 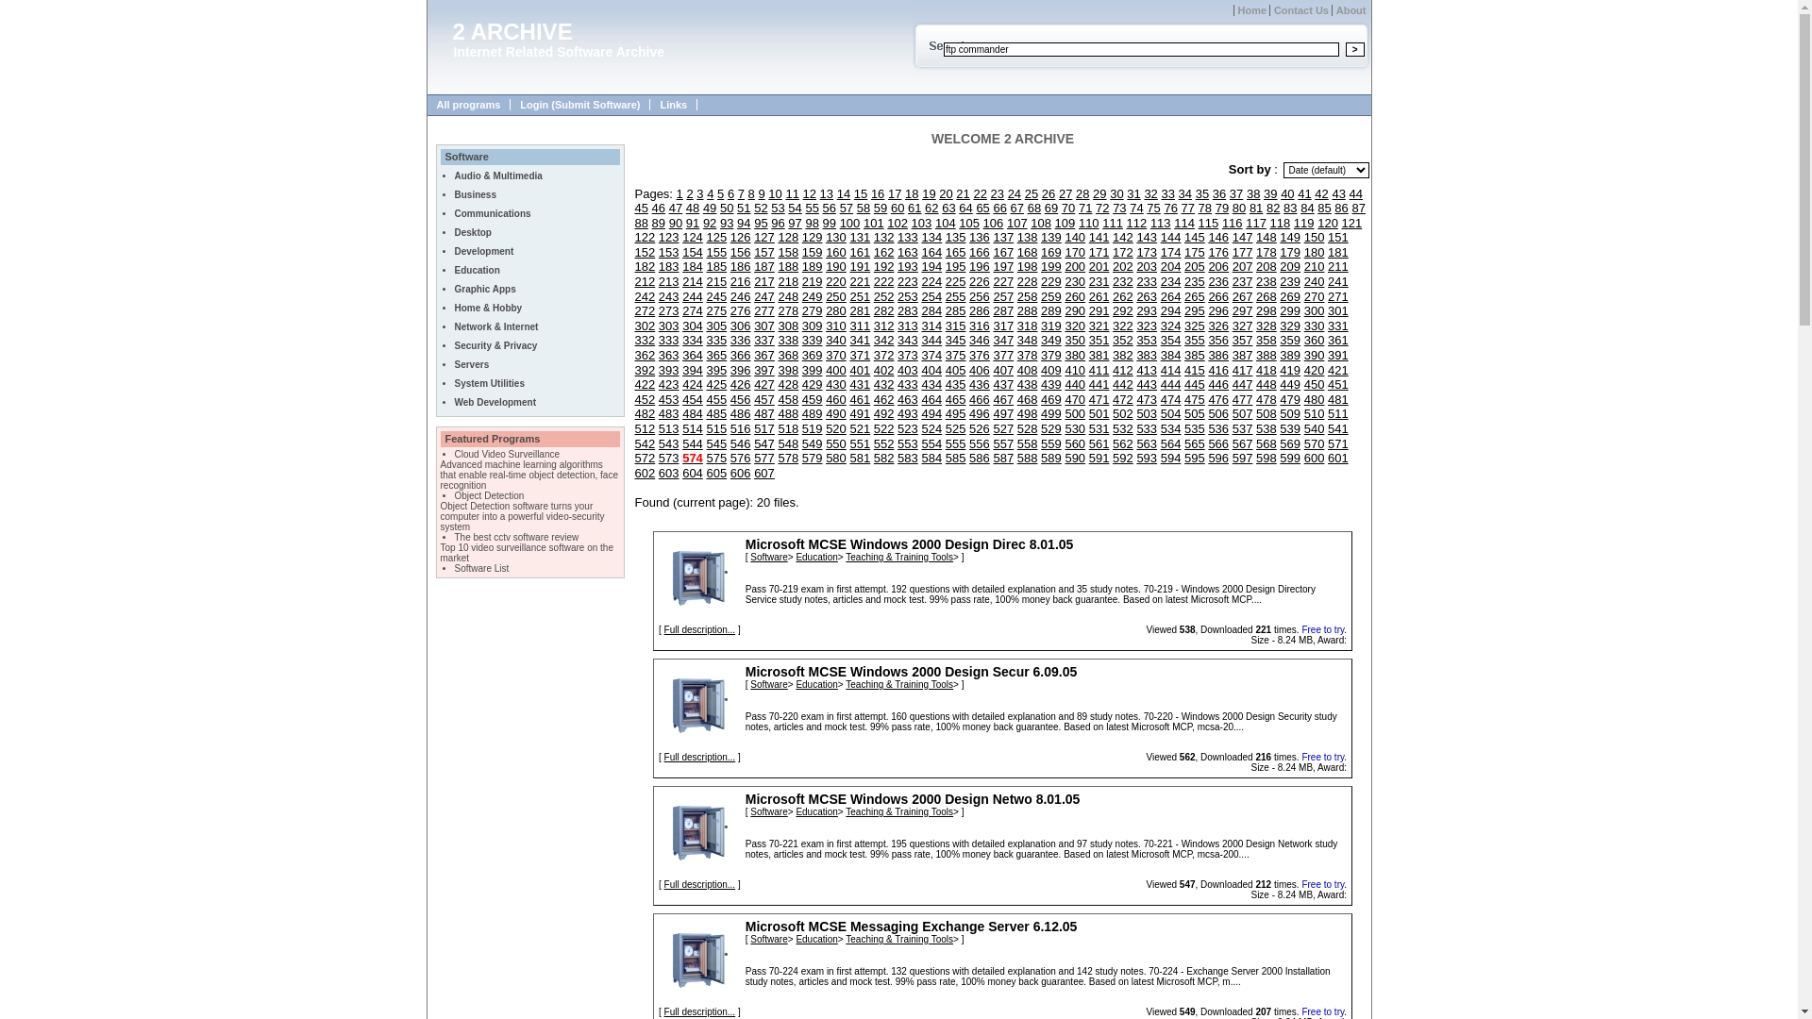 I want to click on '120', so click(x=1326, y=222).